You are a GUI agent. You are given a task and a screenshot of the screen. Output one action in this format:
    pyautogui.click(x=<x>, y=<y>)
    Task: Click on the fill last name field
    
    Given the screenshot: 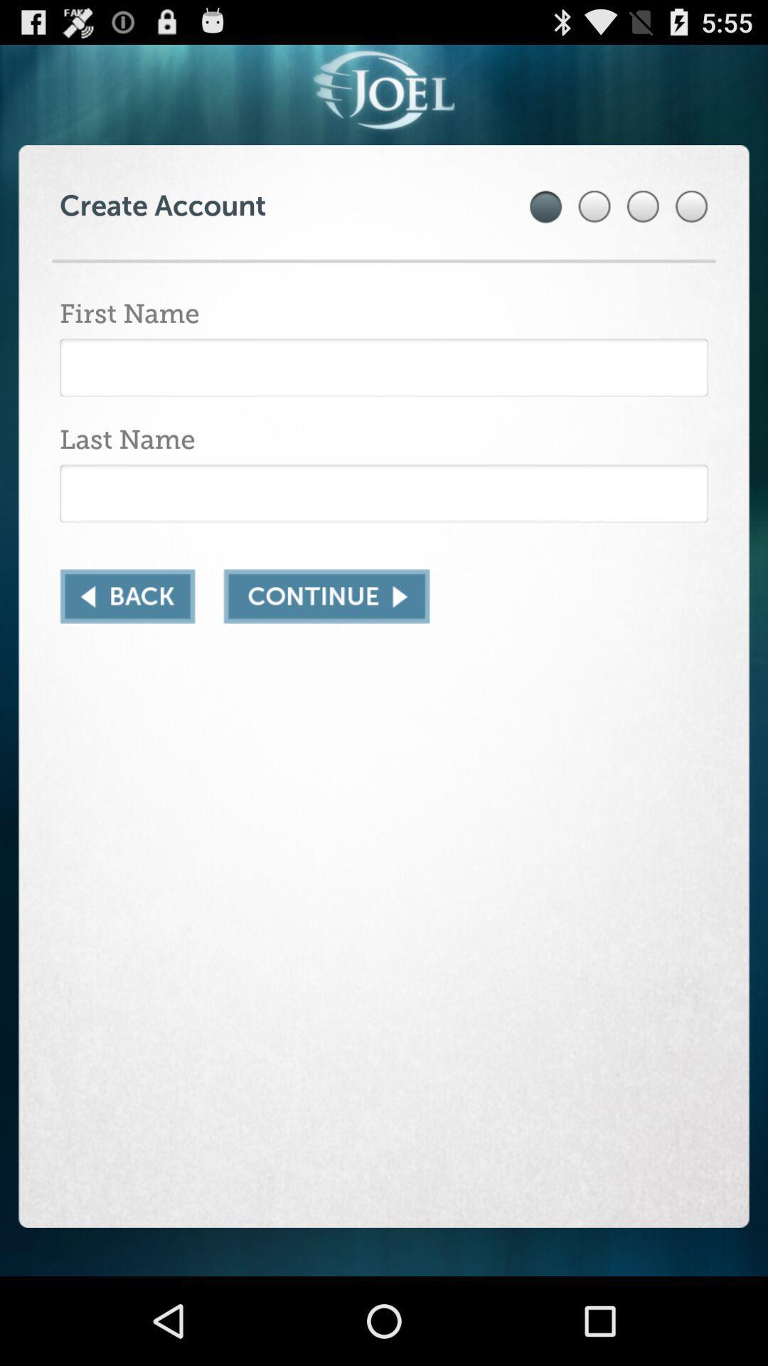 What is the action you would take?
    pyautogui.click(x=384, y=493)
    